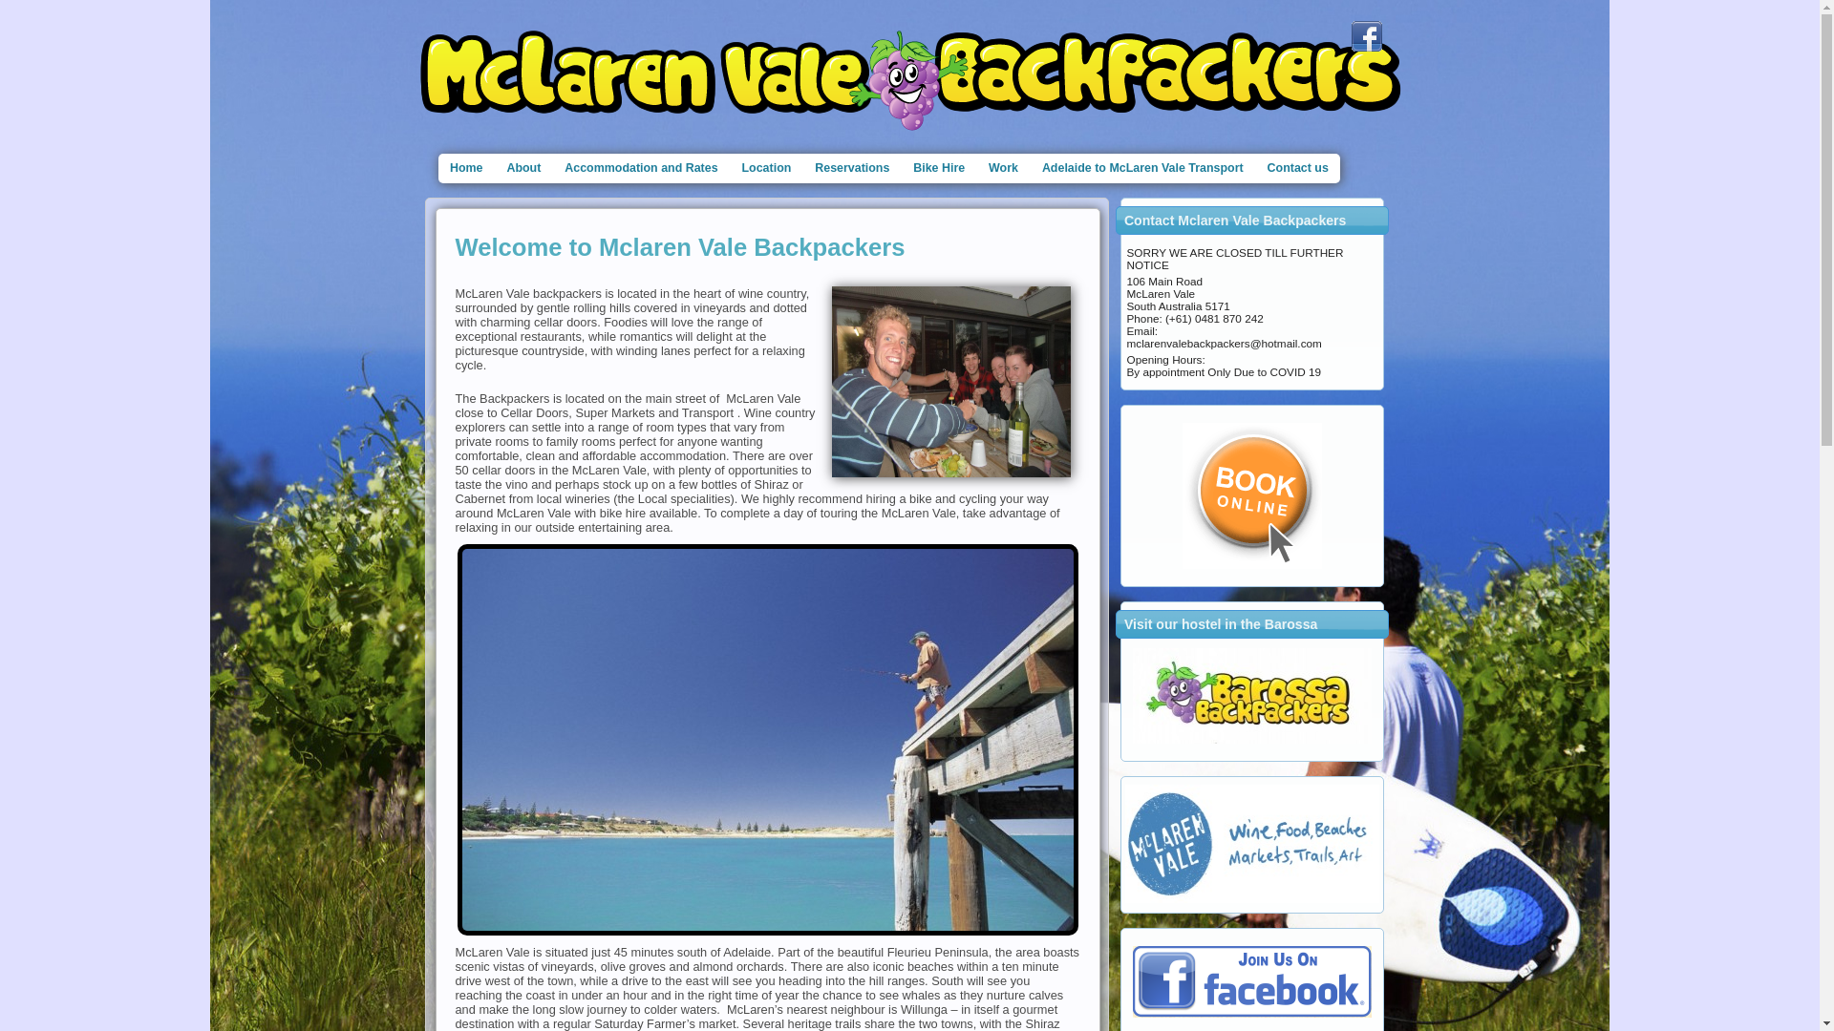 The image size is (1834, 1031). Describe the element at coordinates (1141, 167) in the screenshot. I see `'Adelaide to McLaren Vale Transport'` at that location.